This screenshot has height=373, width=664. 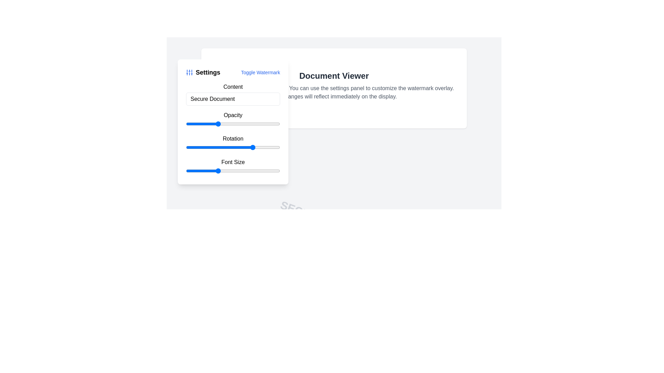 I want to click on the bold 'Settings' text label located at the top-left of the settings panel, which is styled in black and has a large font size, so click(x=203, y=72).